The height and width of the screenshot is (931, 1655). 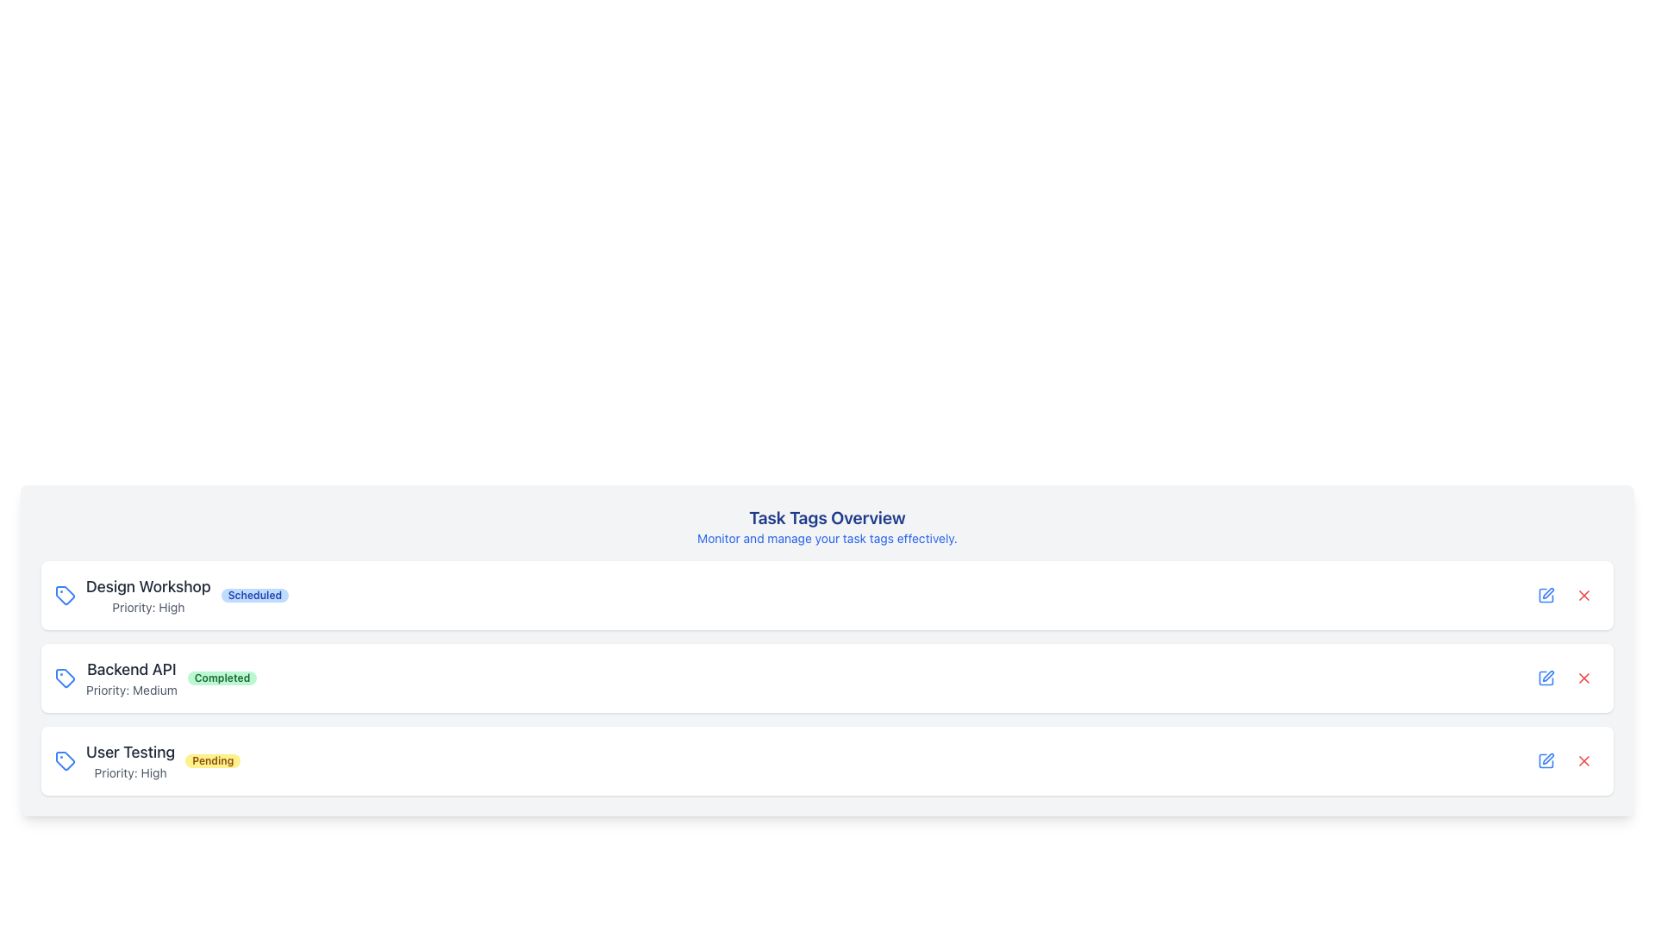 What do you see at coordinates (1546, 760) in the screenshot?
I see `the square-shaped Edit icon, which has bold outlines and resembles a pen, located at the far-right corner of the bottom-most listed item` at bounding box center [1546, 760].